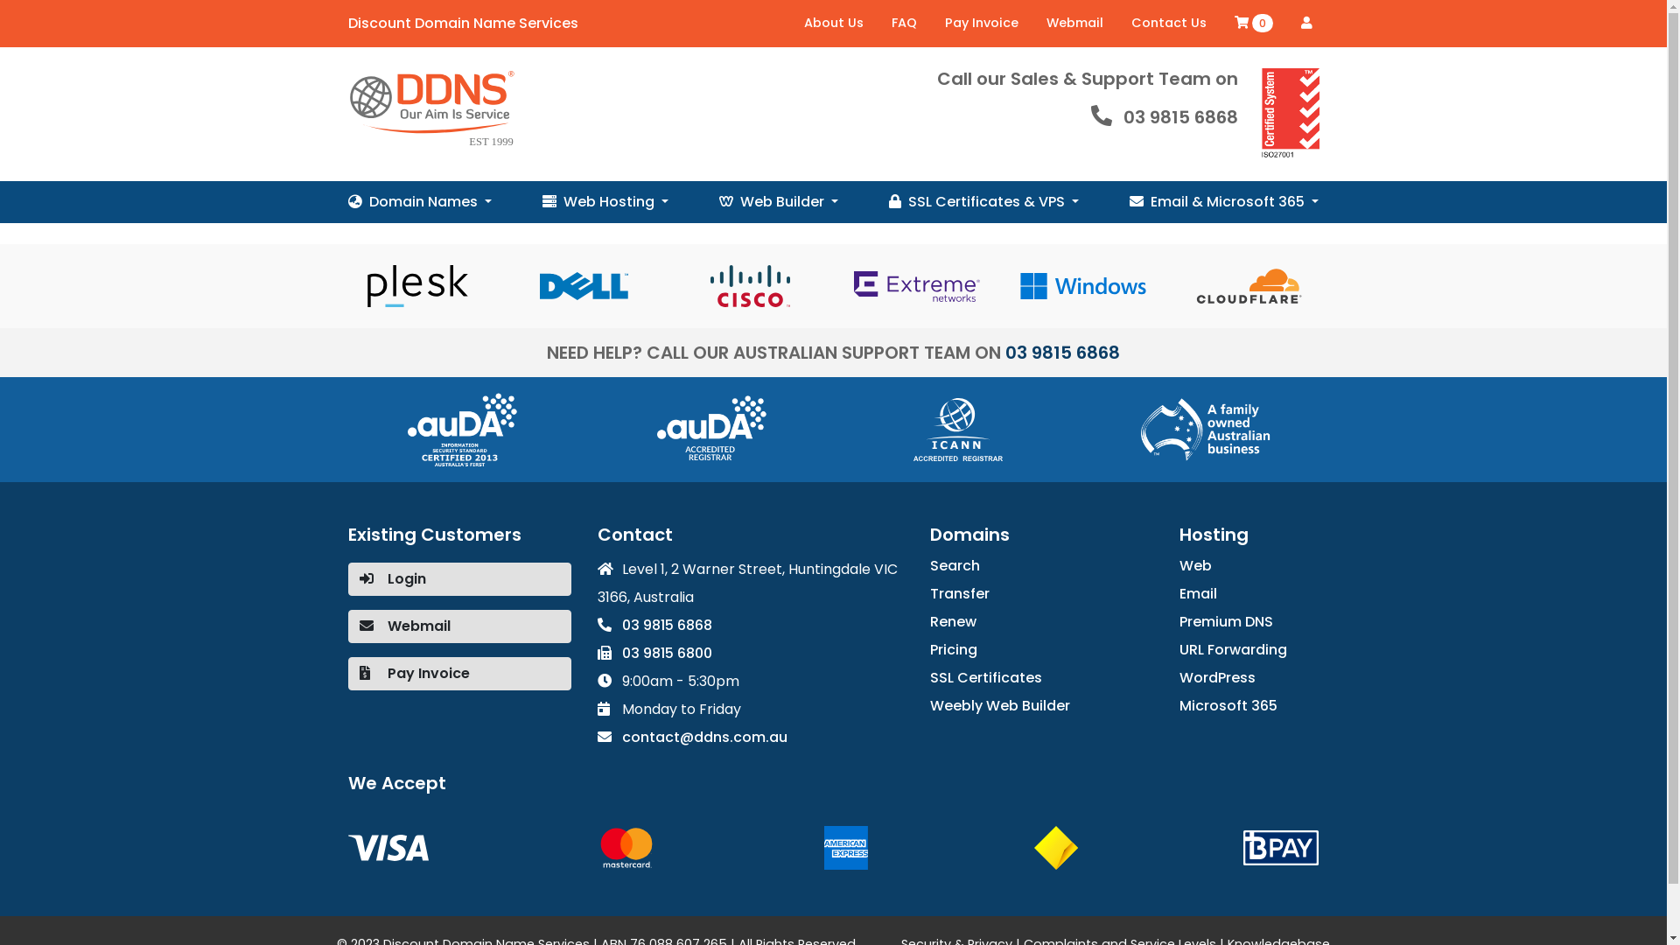  Describe the element at coordinates (1040, 677) in the screenshot. I see `'SSL Certificates'` at that location.